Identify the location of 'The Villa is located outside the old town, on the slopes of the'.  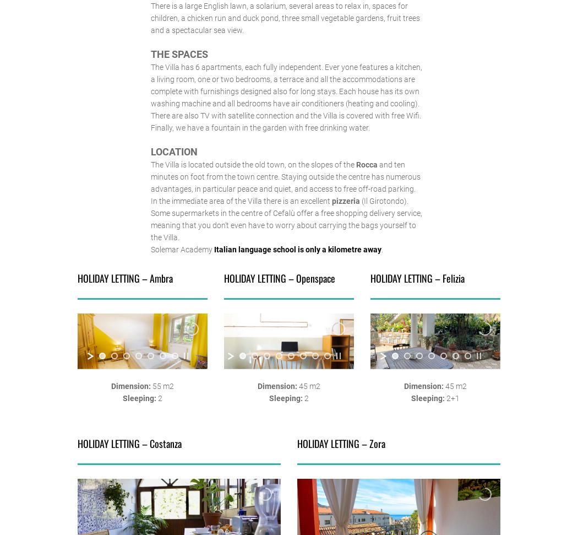
(253, 163).